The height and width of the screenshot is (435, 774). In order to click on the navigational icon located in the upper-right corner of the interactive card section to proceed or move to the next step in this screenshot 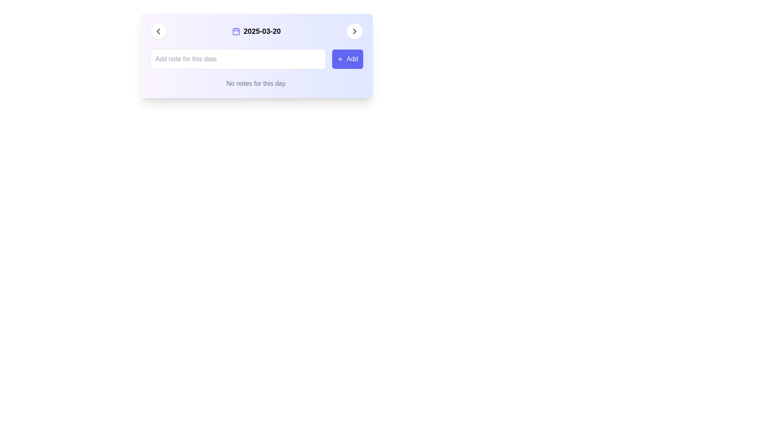, I will do `click(355, 31)`.